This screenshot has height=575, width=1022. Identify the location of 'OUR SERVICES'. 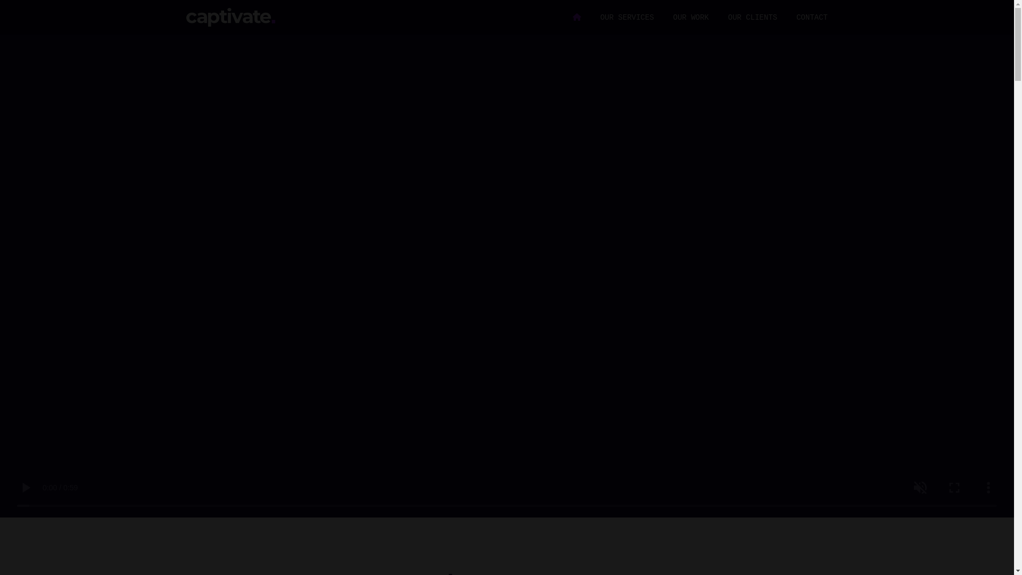
(627, 18).